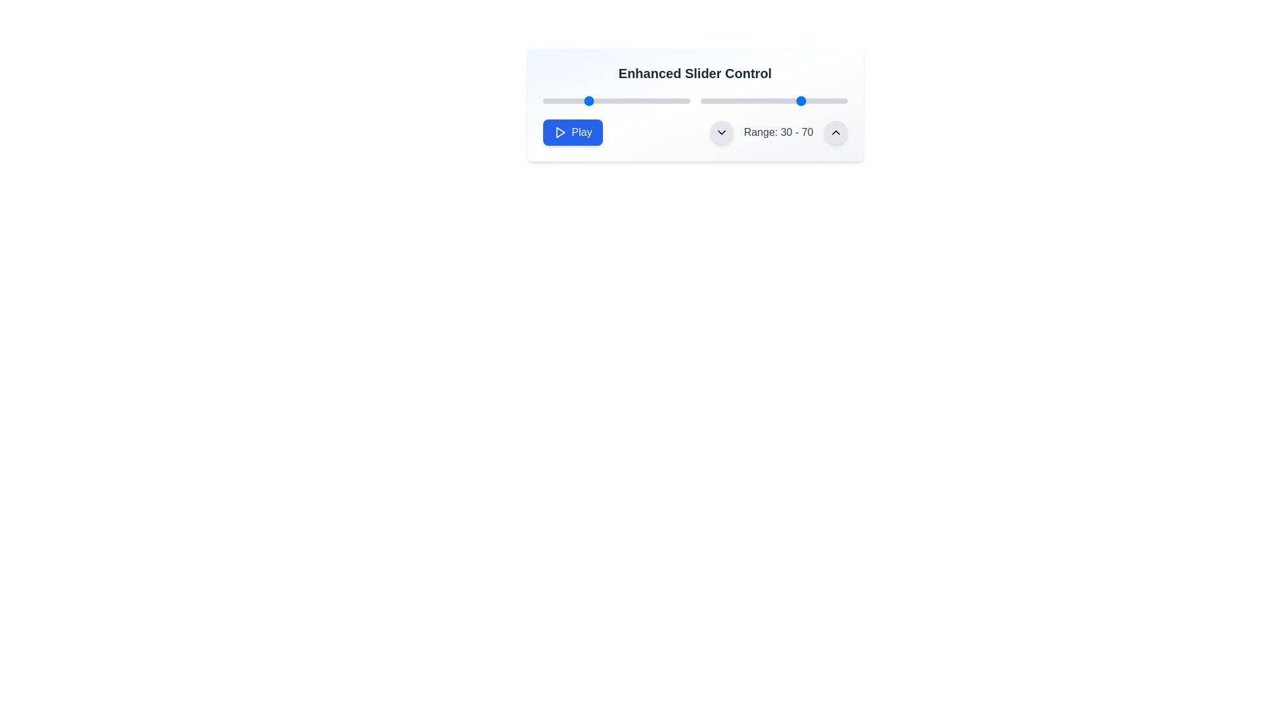 This screenshot has width=1261, height=709. What do you see at coordinates (744, 100) in the screenshot?
I see `the slider value` at bounding box center [744, 100].